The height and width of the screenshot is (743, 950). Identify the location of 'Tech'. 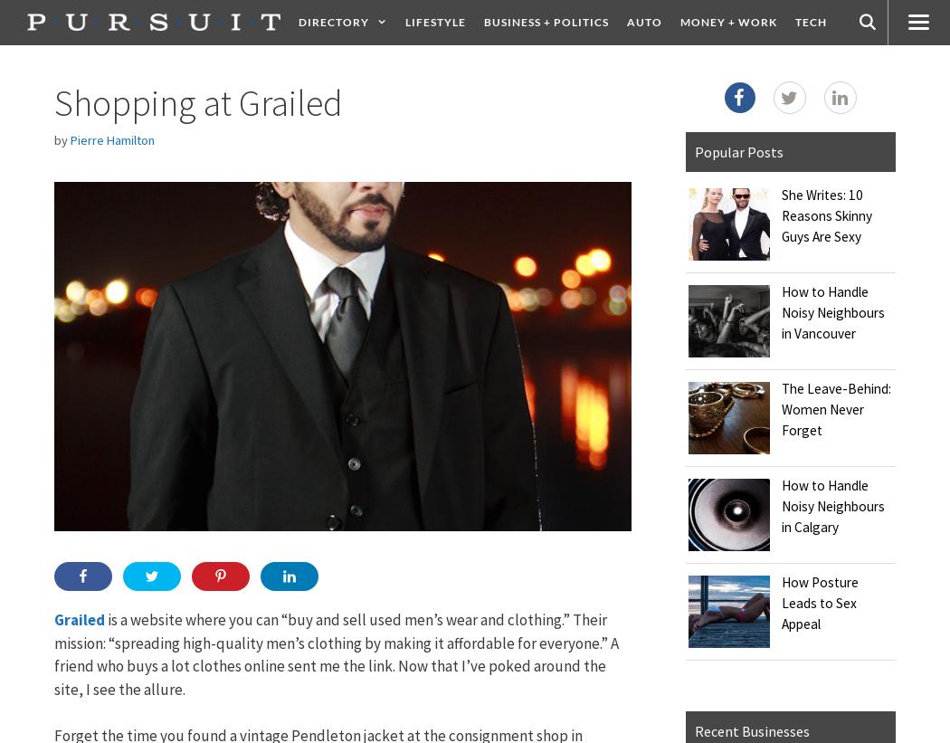
(809, 21).